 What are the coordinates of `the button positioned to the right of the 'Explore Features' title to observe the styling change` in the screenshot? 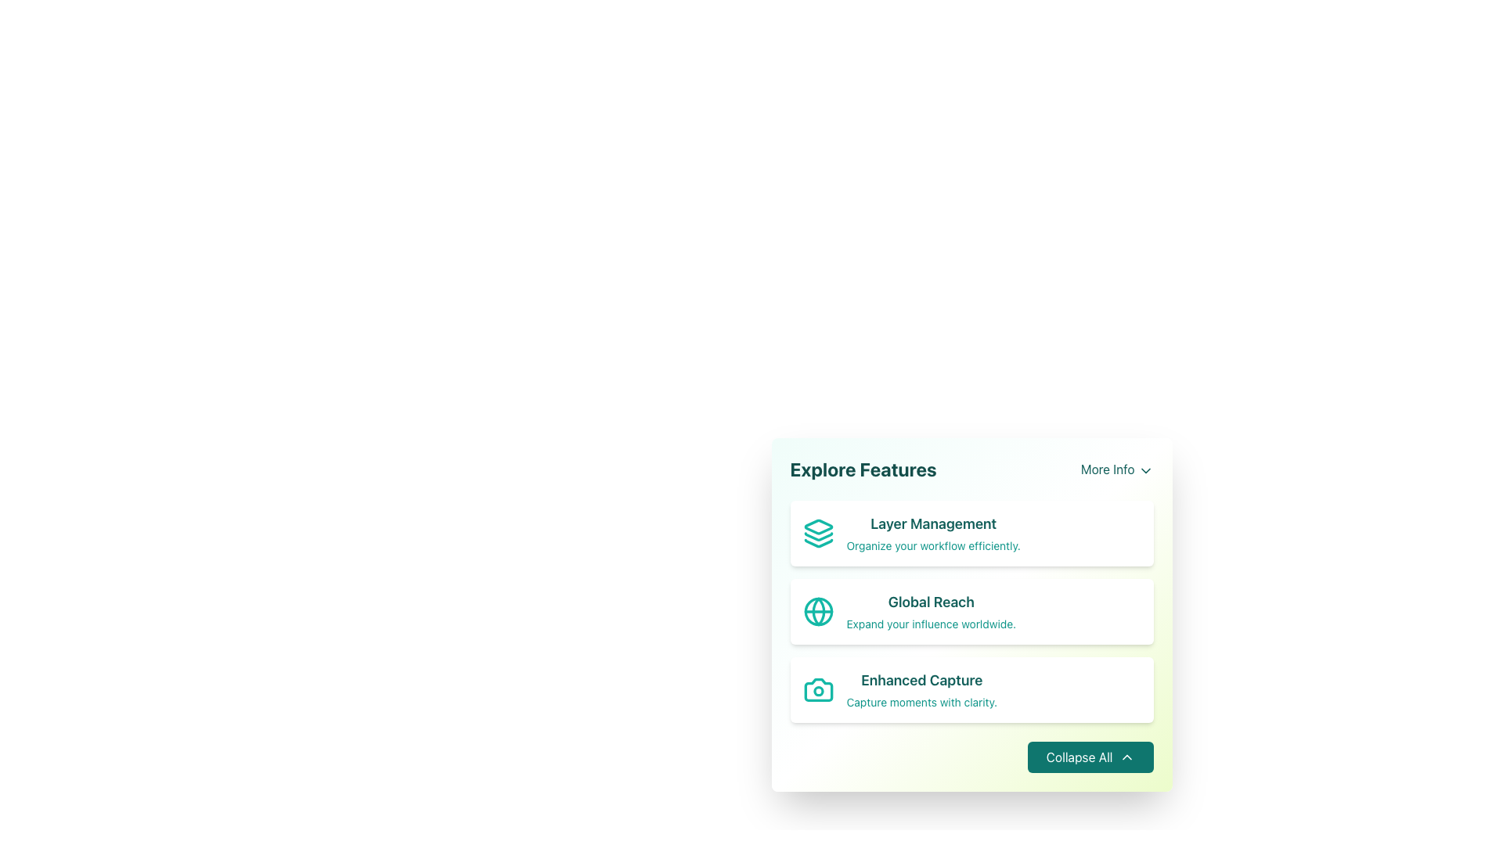 It's located at (1116, 469).